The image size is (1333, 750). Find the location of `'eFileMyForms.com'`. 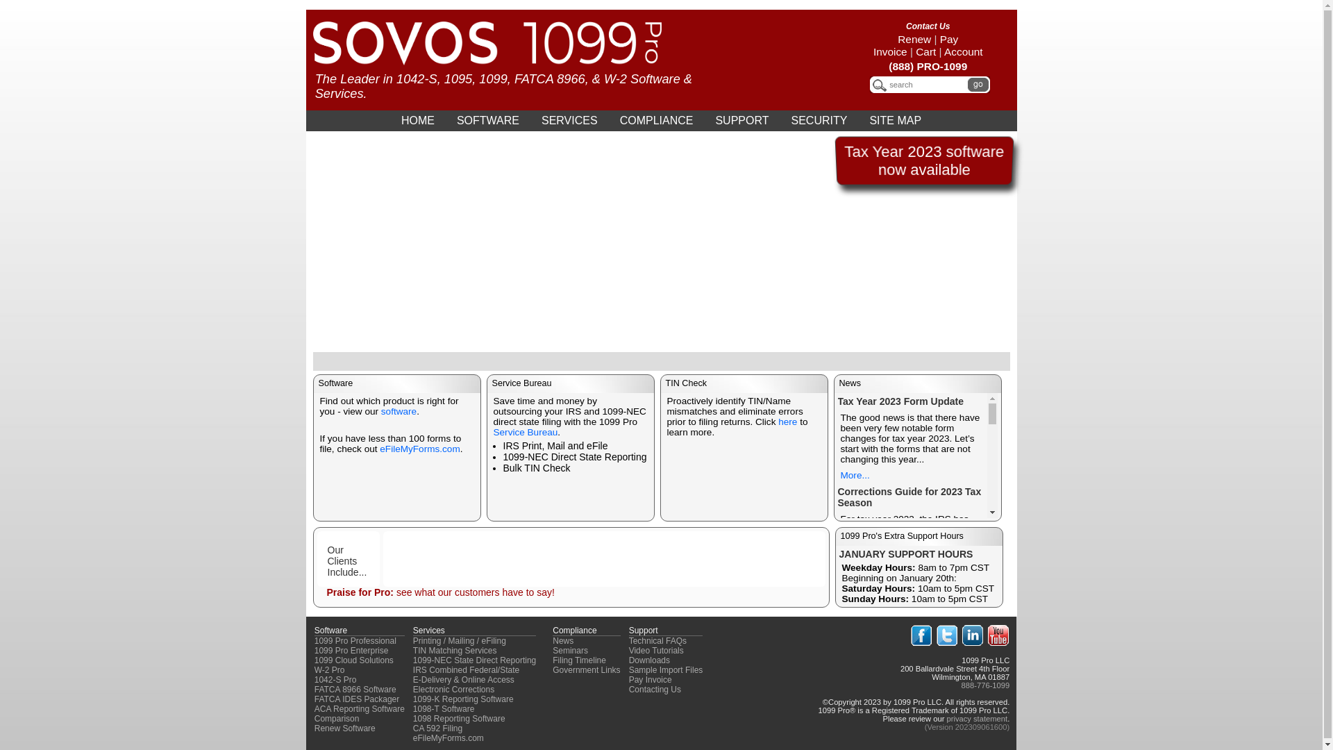

'eFileMyForms.com' is located at coordinates (448, 737).